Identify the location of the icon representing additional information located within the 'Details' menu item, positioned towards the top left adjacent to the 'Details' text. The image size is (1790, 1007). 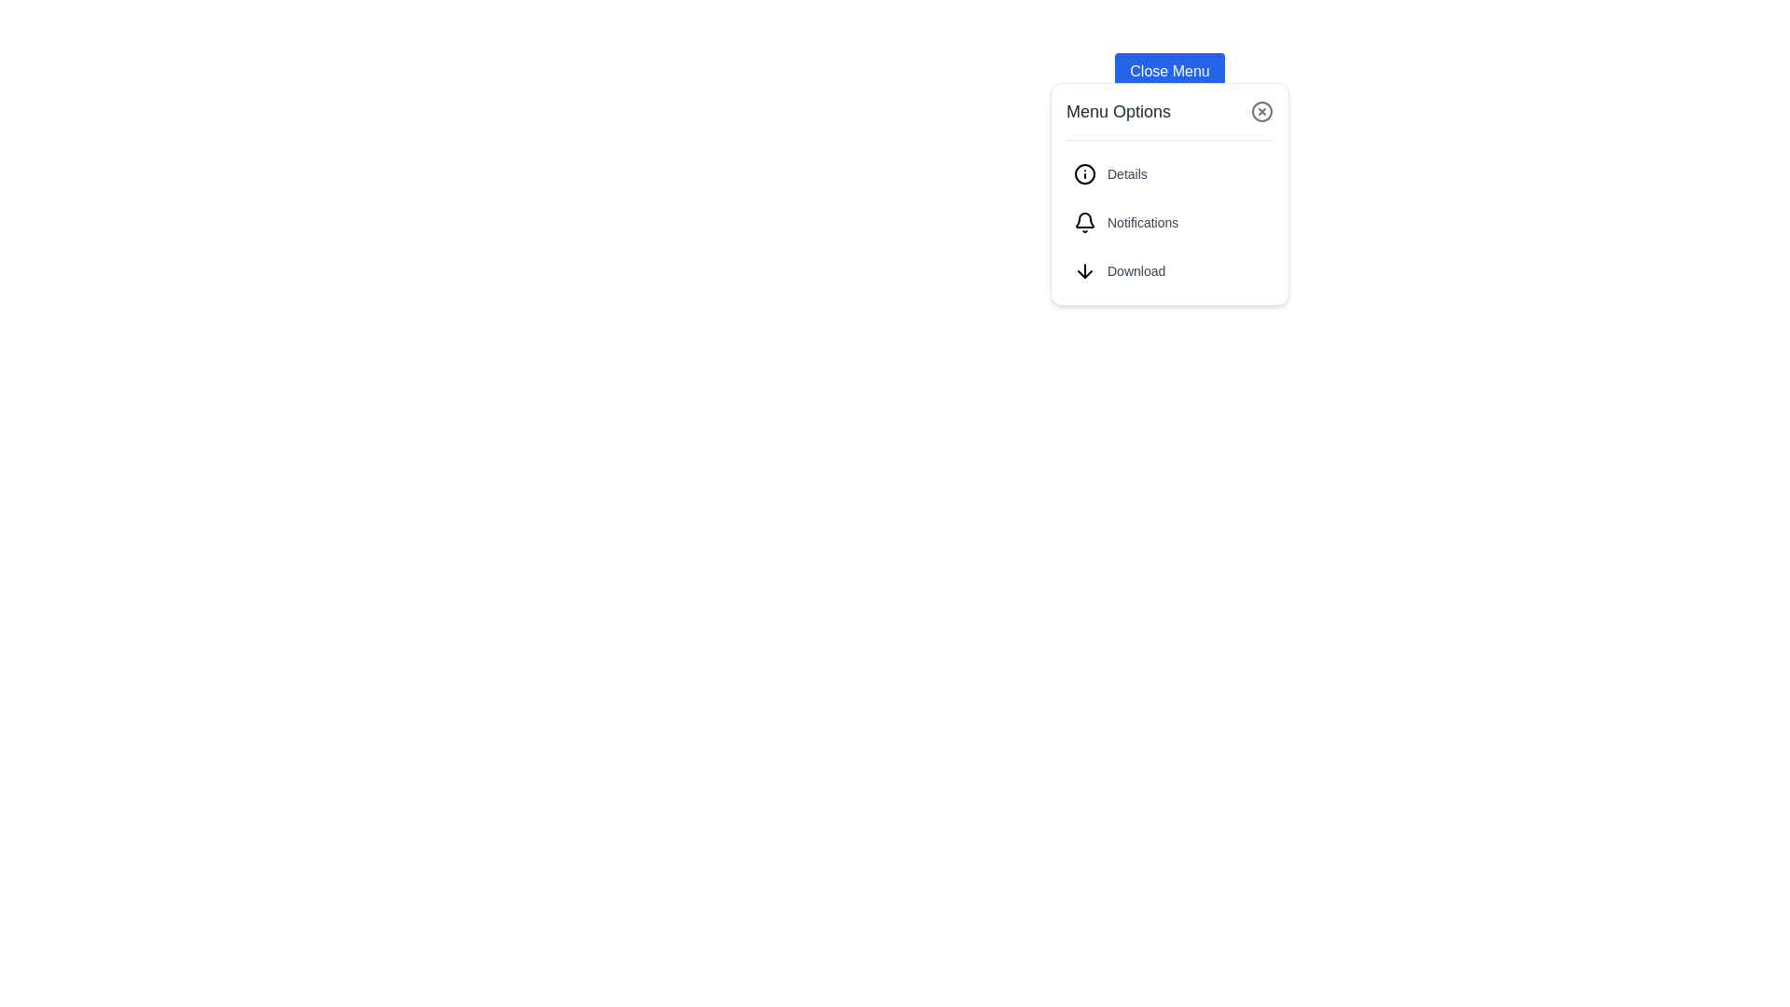
(1084, 173).